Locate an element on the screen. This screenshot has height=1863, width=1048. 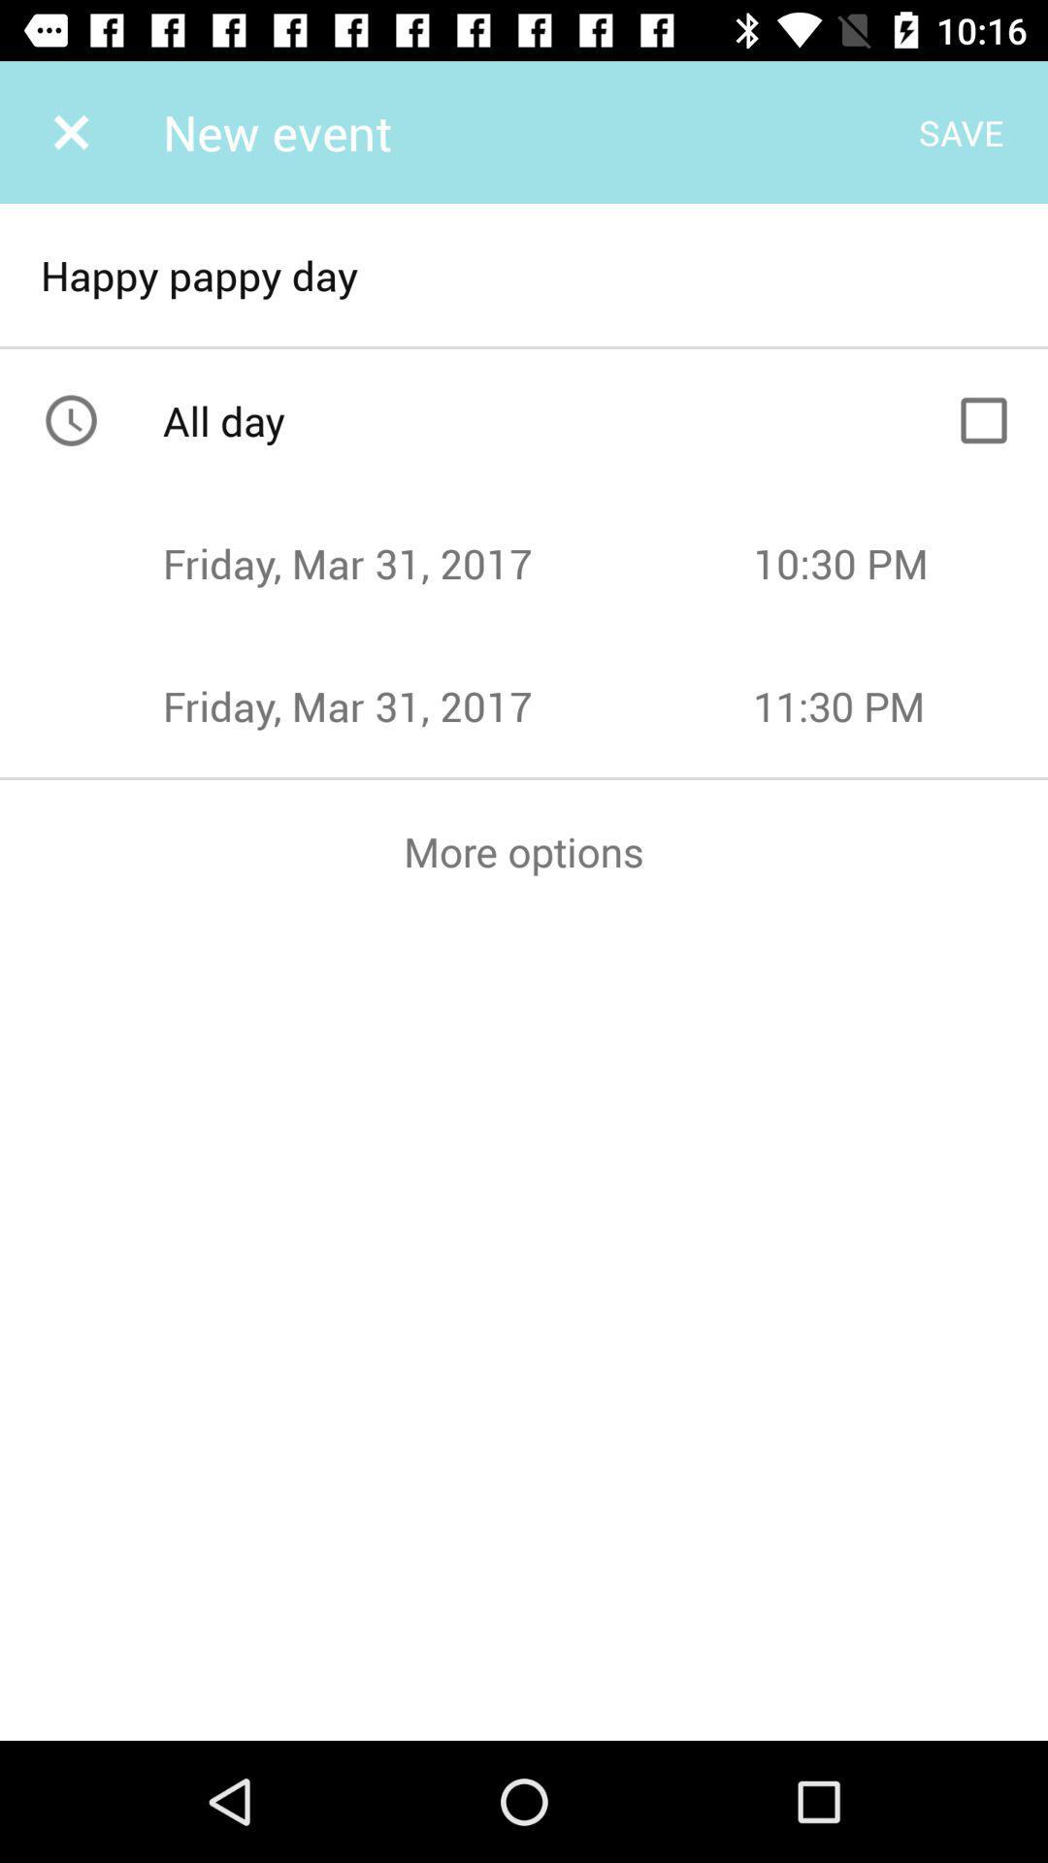
the text below all day is located at coordinates (457, 562).